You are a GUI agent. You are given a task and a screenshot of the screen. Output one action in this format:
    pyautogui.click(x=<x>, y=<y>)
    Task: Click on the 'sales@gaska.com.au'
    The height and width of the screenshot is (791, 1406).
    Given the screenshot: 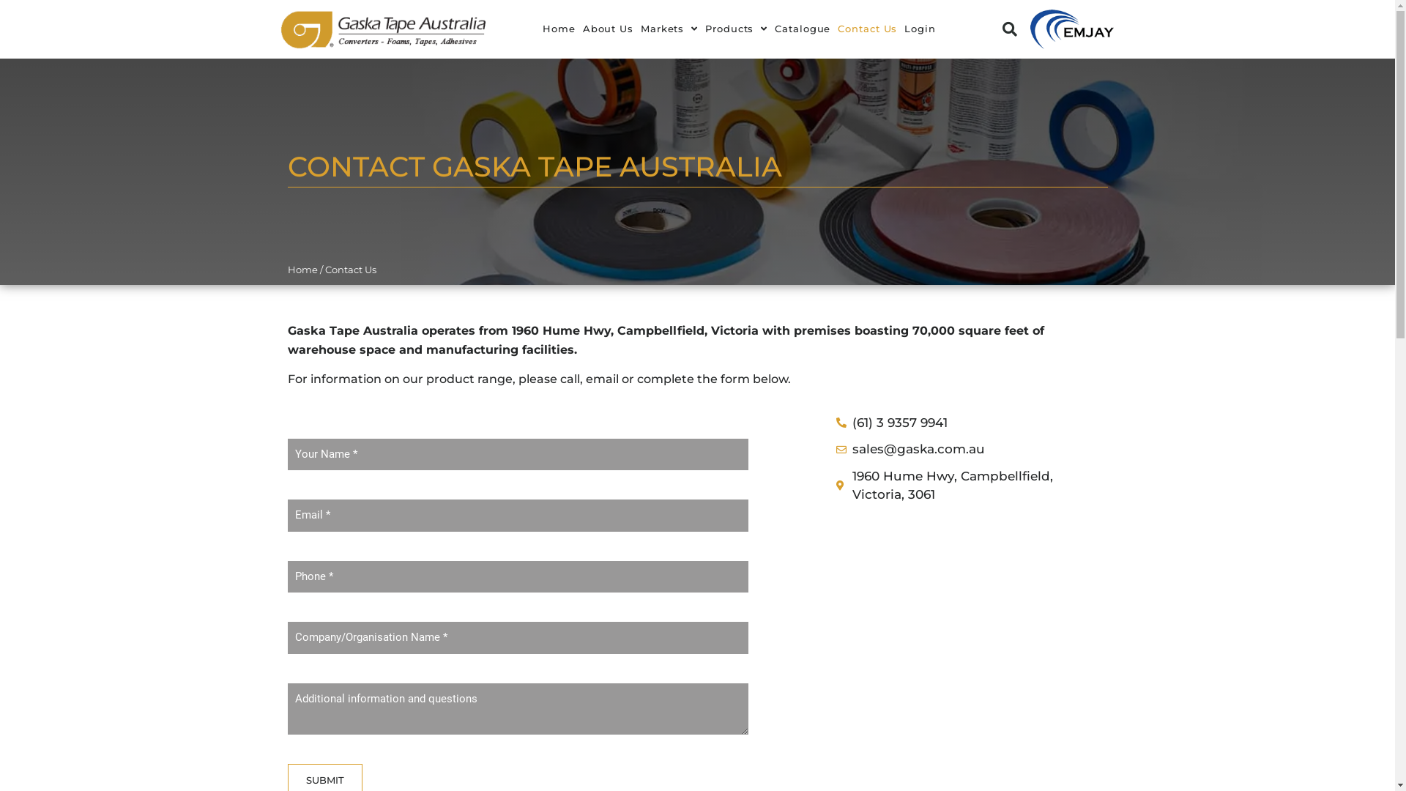 What is the action you would take?
    pyautogui.click(x=955, y=448)
    